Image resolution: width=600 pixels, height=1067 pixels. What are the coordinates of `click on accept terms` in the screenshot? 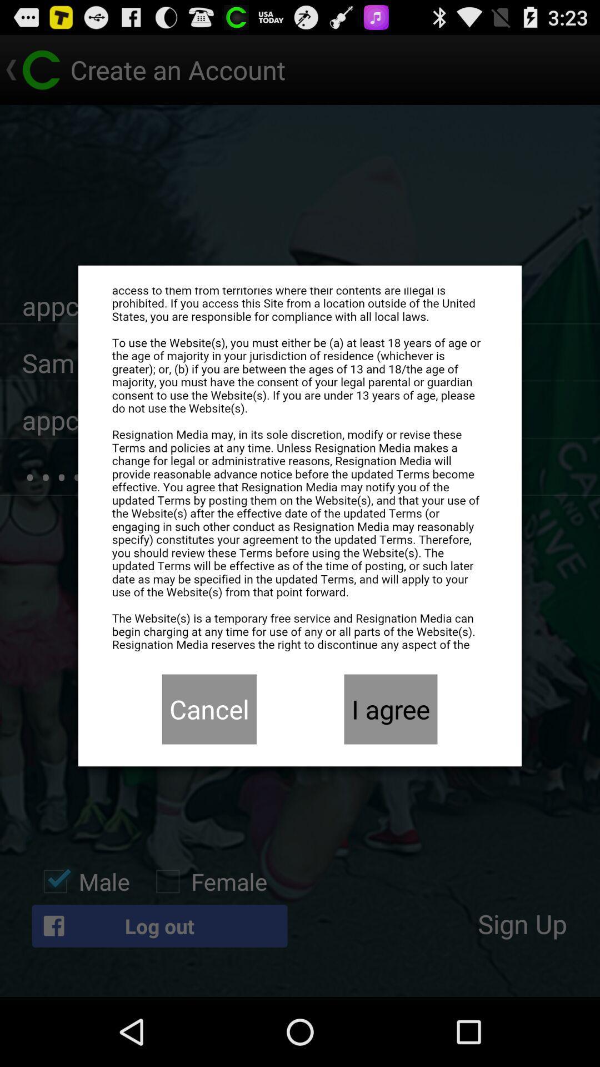 It's located at (300, 470).